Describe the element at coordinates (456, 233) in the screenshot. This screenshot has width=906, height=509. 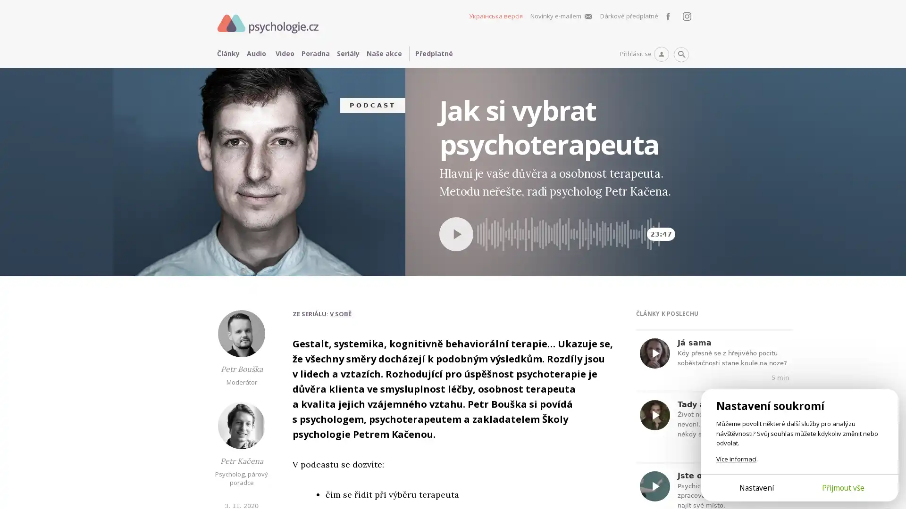
I see `Spustit prehravani` at that location.